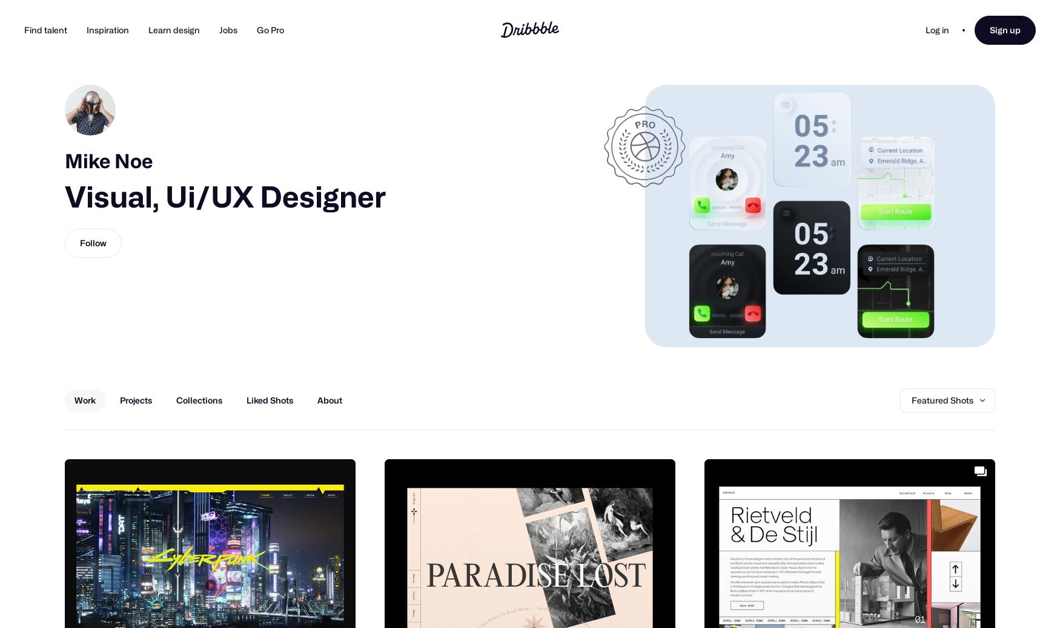 The image size is (1060, 628). Describe the element at coordinates (1004, 29) in the screenshot. I see `'Sign up'` at that location.